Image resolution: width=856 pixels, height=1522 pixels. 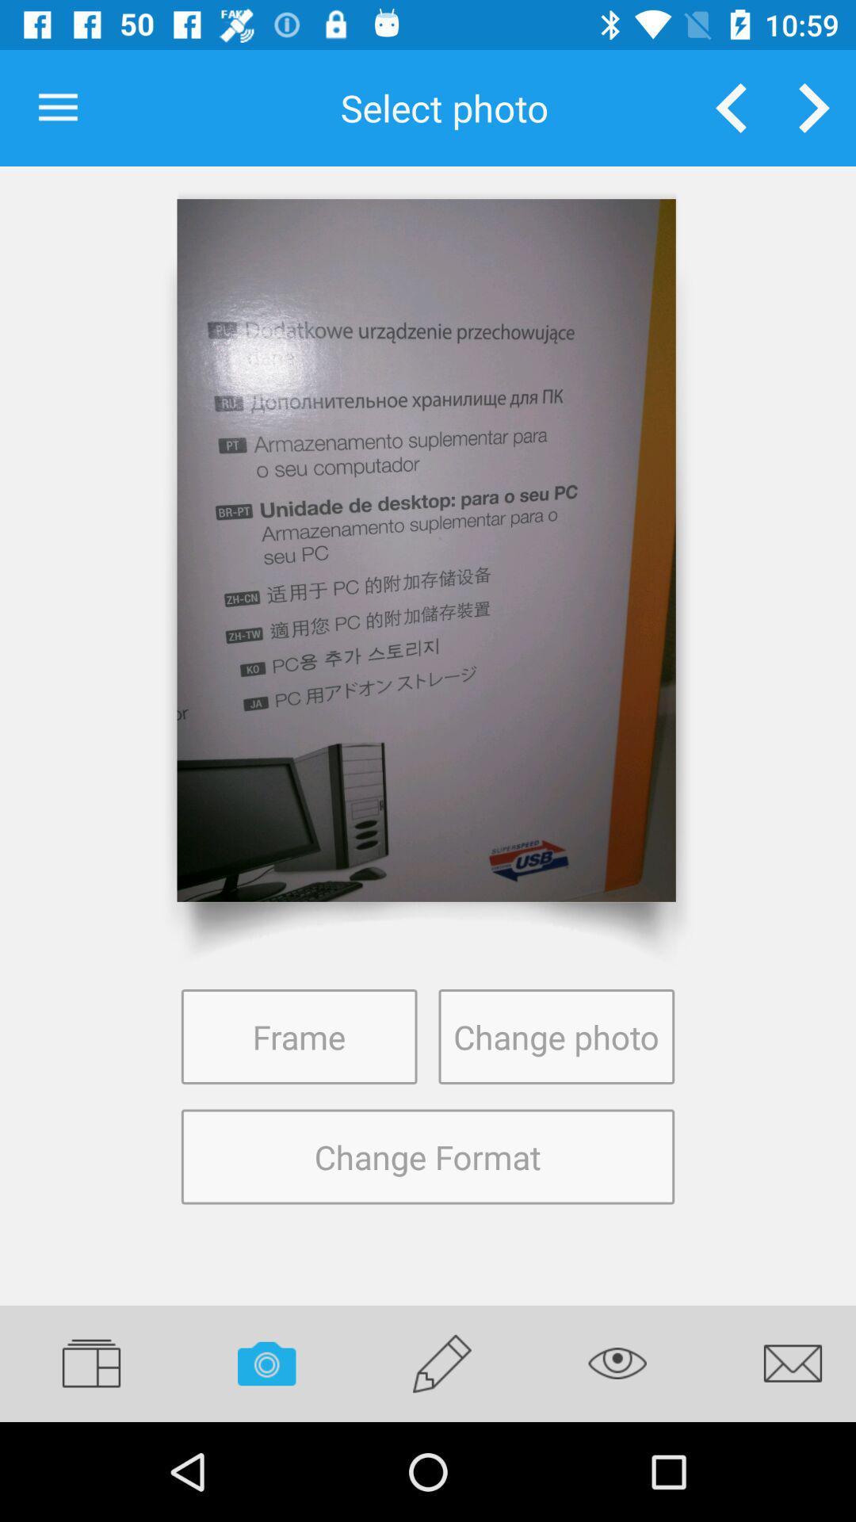 I want to click on item to the left of the select photo item, so click(x=57, y=107).